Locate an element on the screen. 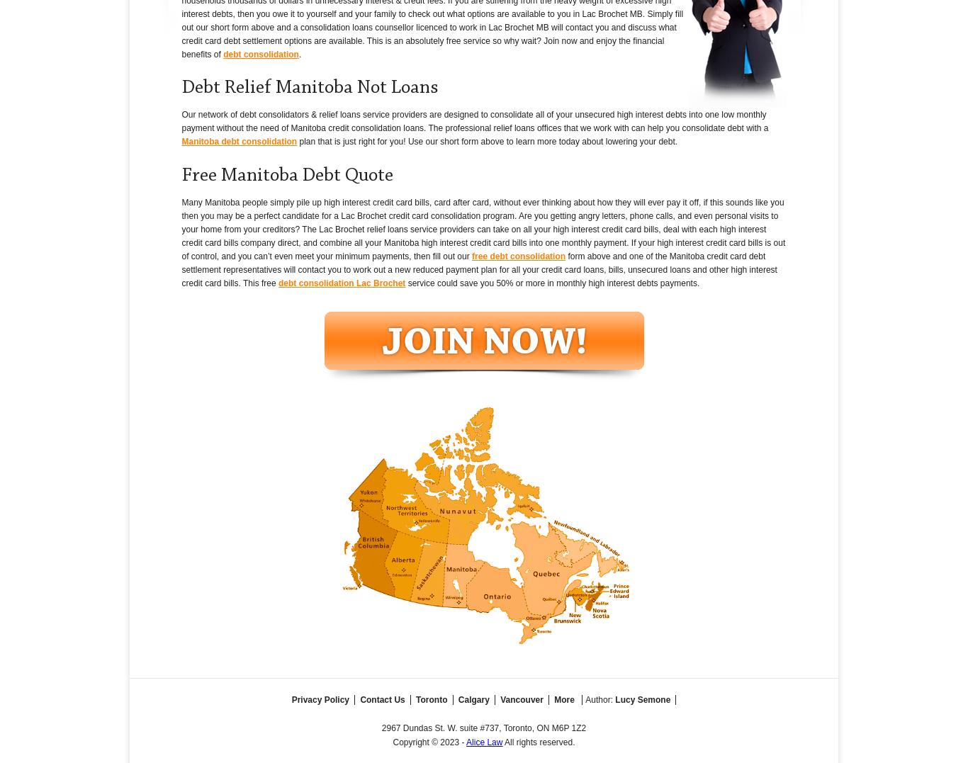 The image size is (968, 763). '.' is located at coordinates (299, 54).